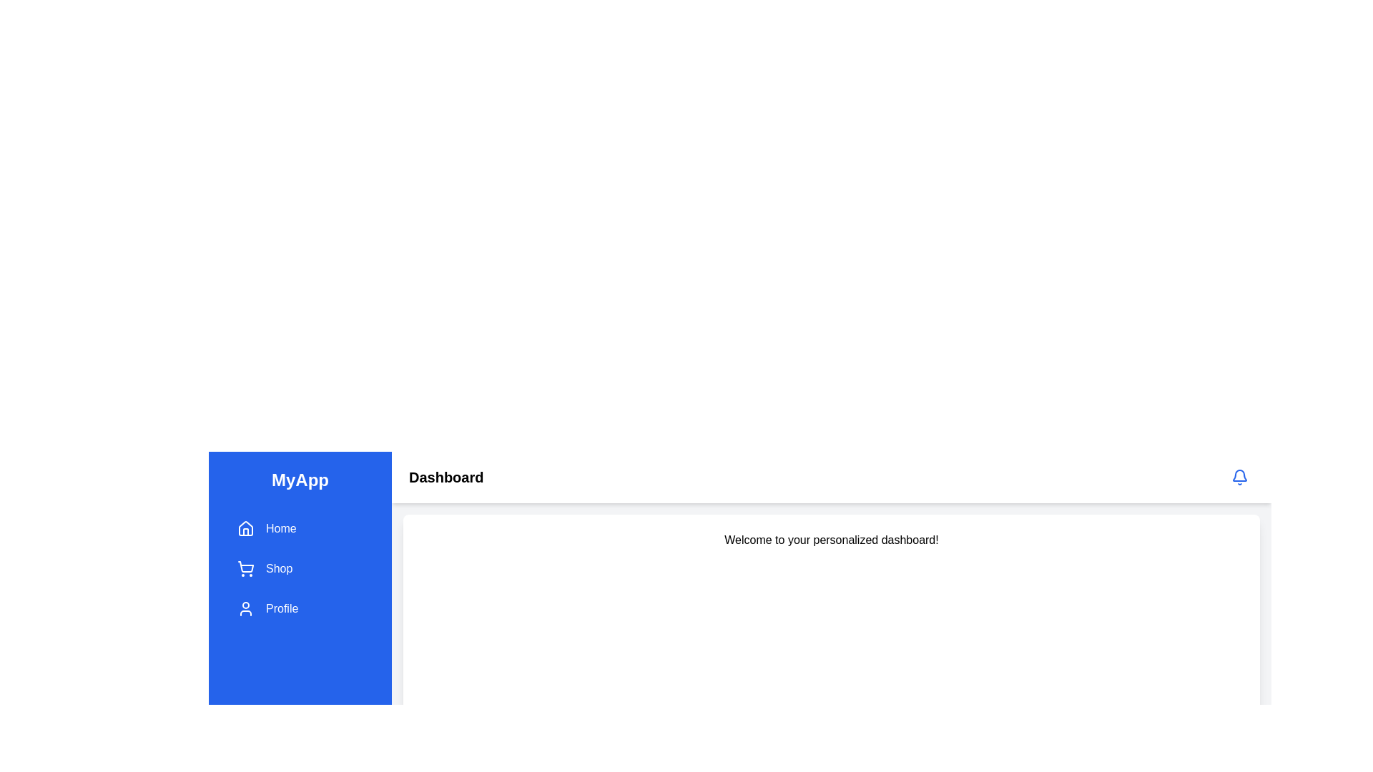 The image size is (1373, 772). Describe the element at coordinates (300, 568) in the screenshot. I see `the 'Shop' navigation button located in the left navigation bar under 'MyApp'` at that location.